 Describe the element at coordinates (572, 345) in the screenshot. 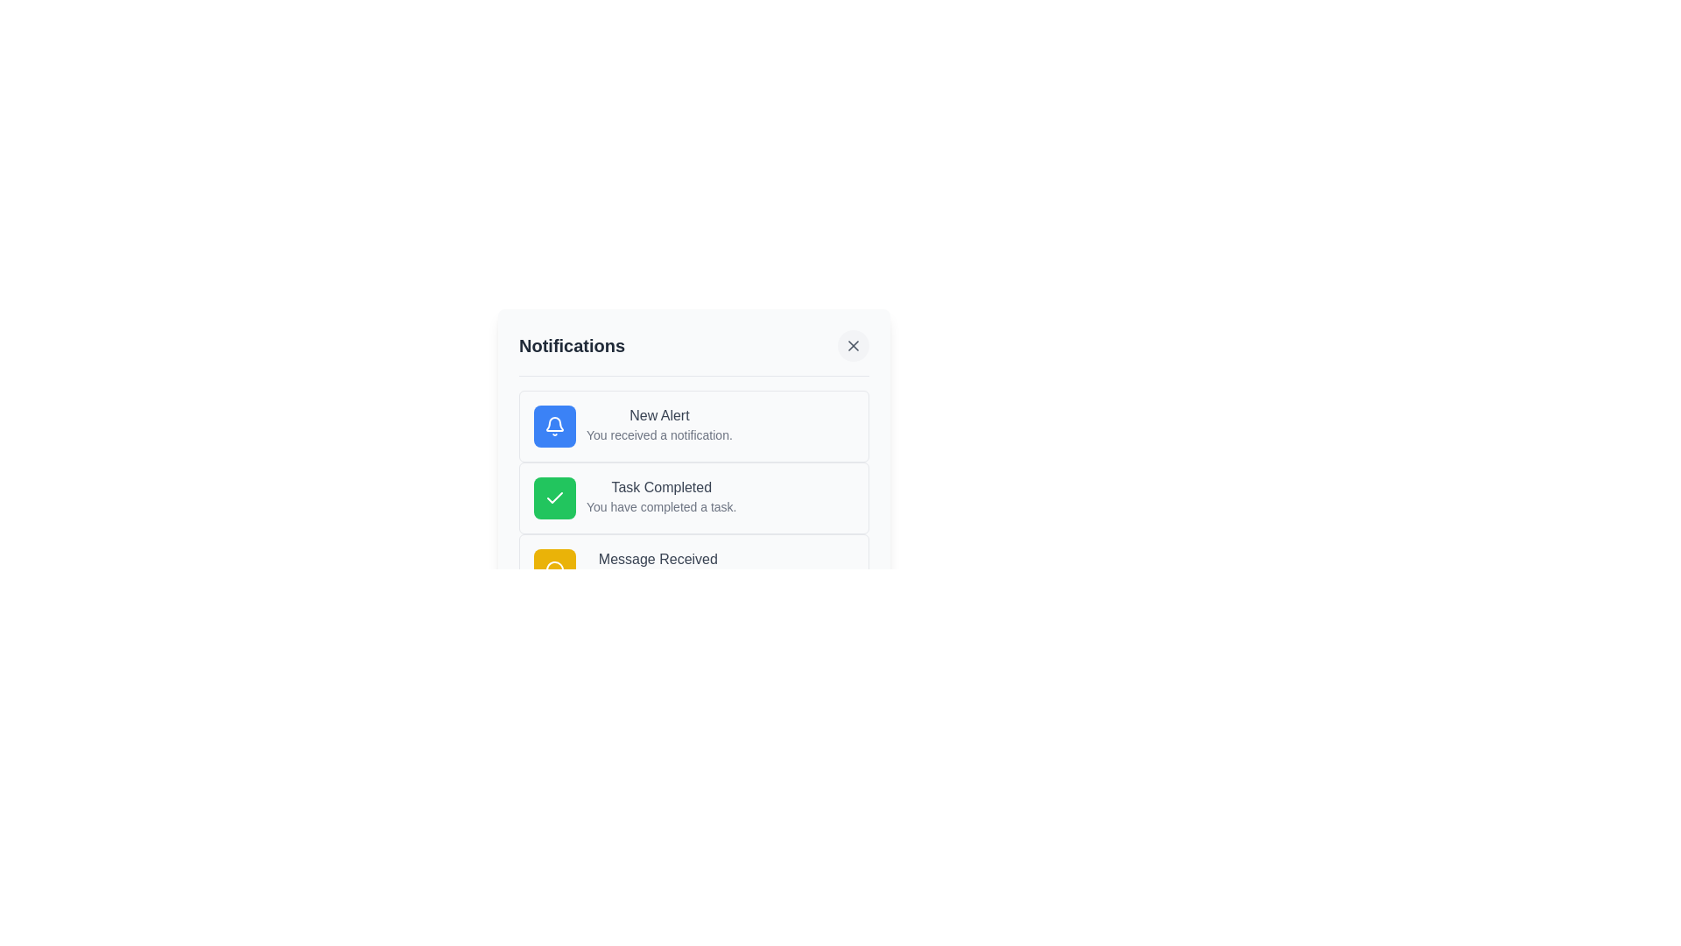

I see `the Text Label that designates the purpose of the surrounding panel for notifications, positioned in the upper-left section of the containing panel, to the left of the close icon button` at that location.